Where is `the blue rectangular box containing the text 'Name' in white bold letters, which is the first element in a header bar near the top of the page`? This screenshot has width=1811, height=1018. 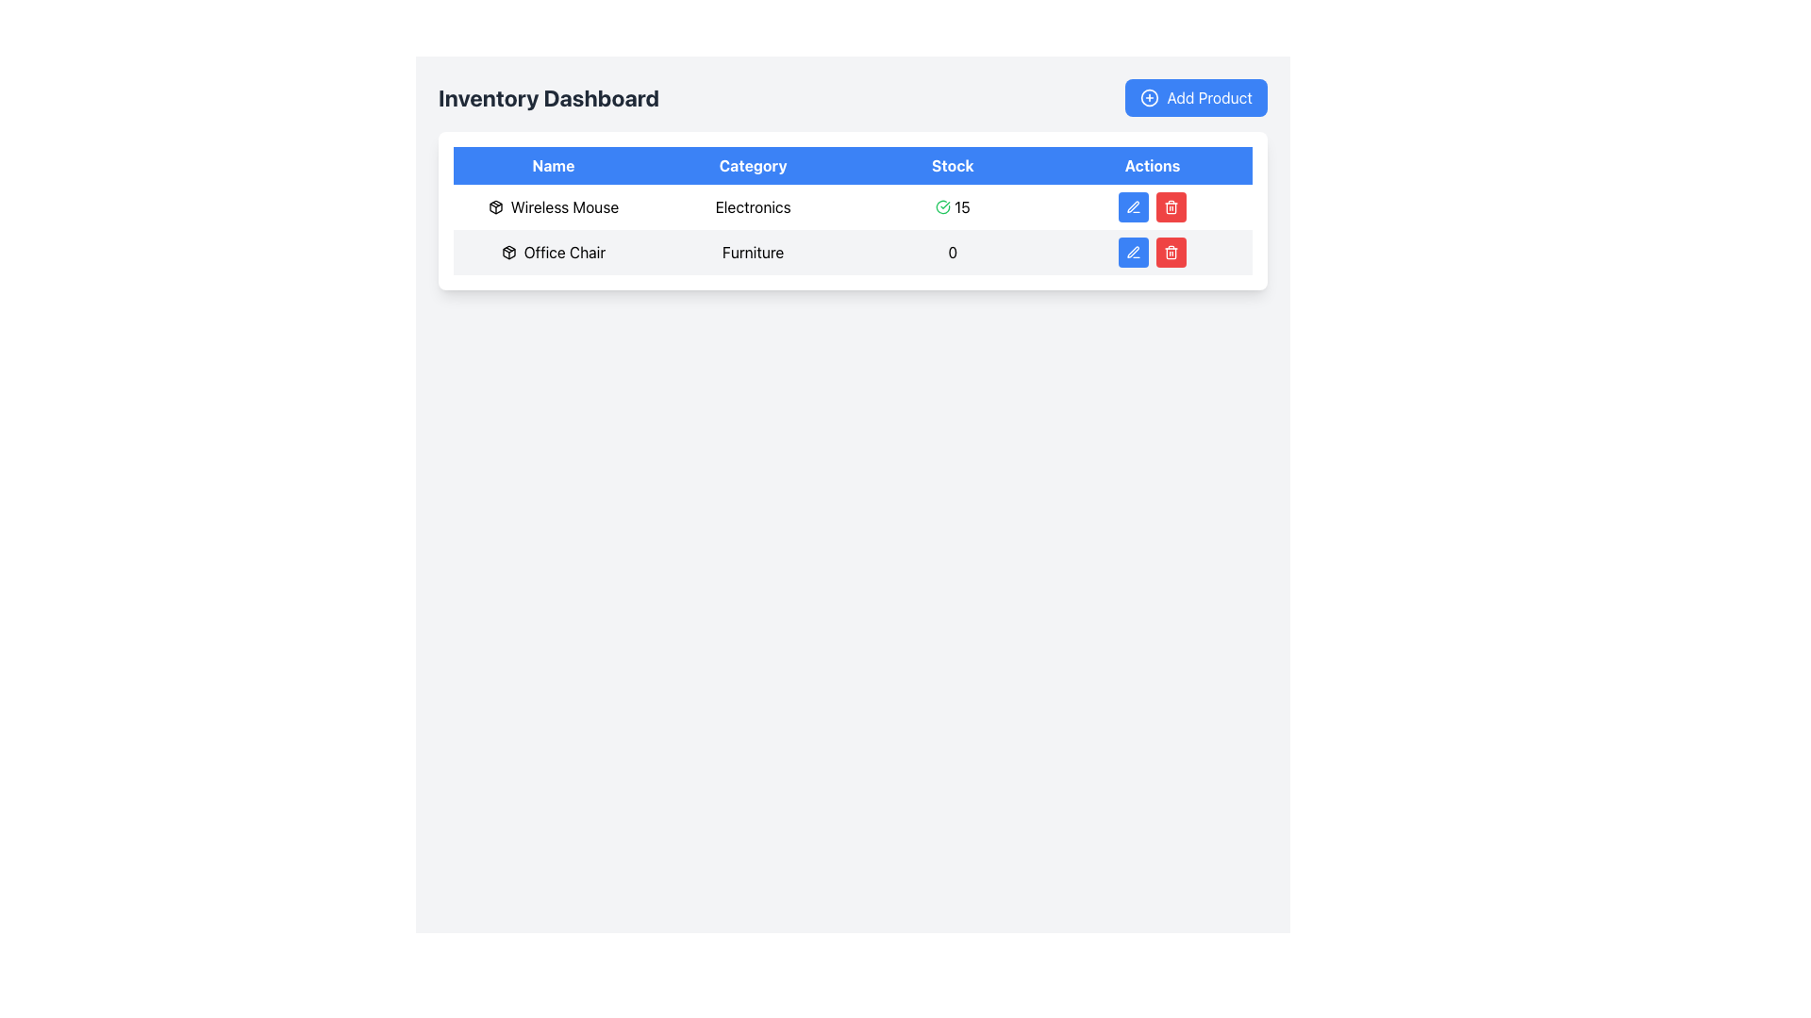
the blue rectangular box containing the text 'Name' in white bold letters, which is the first element in a header bar near the top of the page is located at coordinates (552, 165).